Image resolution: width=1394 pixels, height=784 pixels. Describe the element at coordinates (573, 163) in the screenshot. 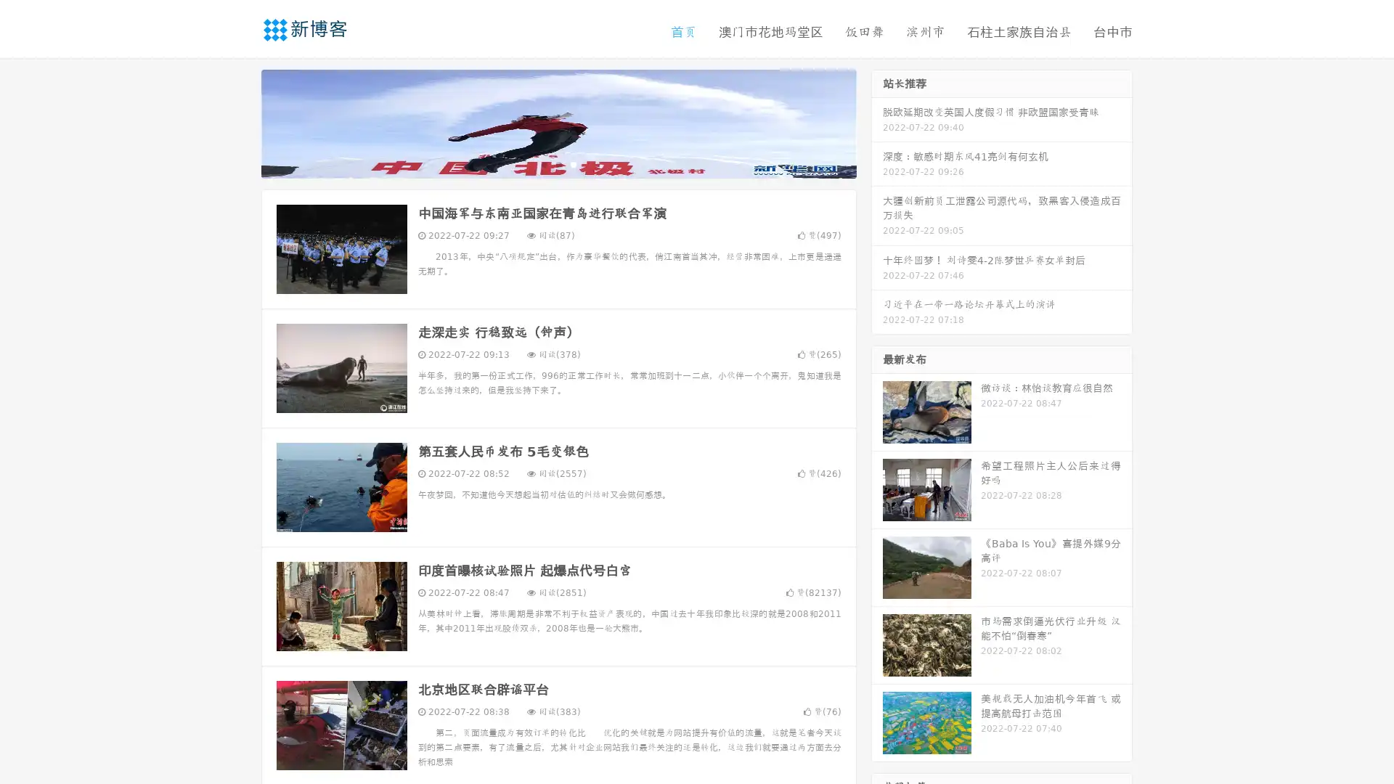

I see `Go to slide 3` at that location.